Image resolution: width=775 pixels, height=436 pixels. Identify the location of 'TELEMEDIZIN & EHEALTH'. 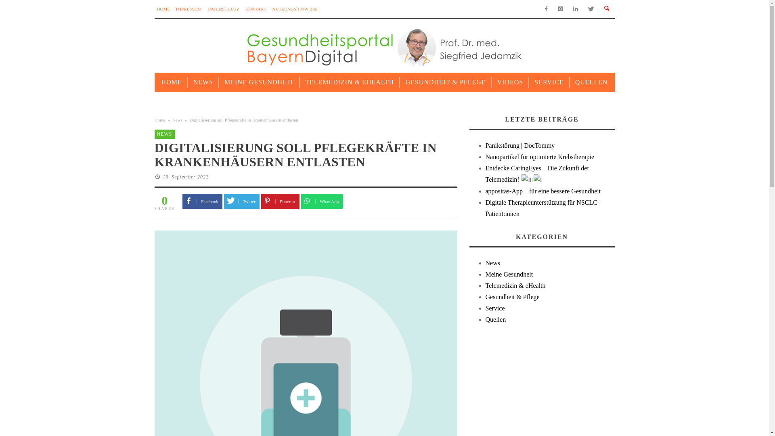
(349, 82).